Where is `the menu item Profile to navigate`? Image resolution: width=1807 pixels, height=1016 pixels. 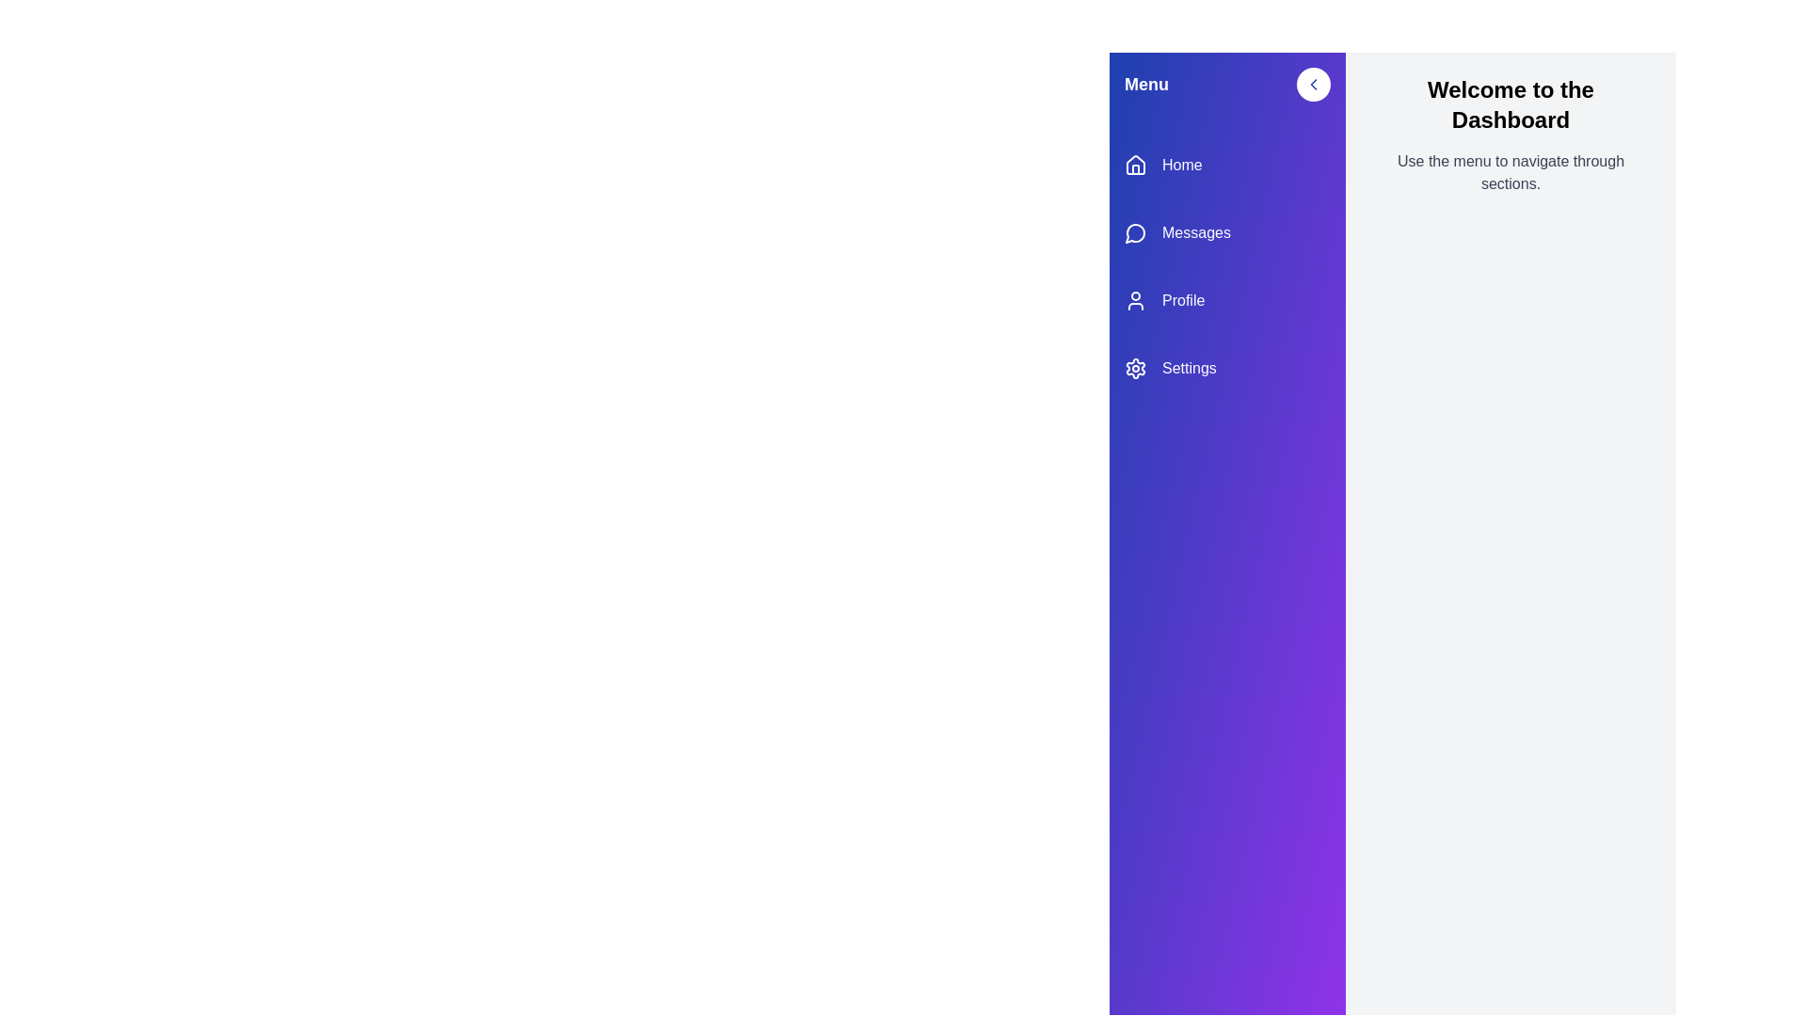 the menu item Profile to navigate is located at coordinates (1227, 300).